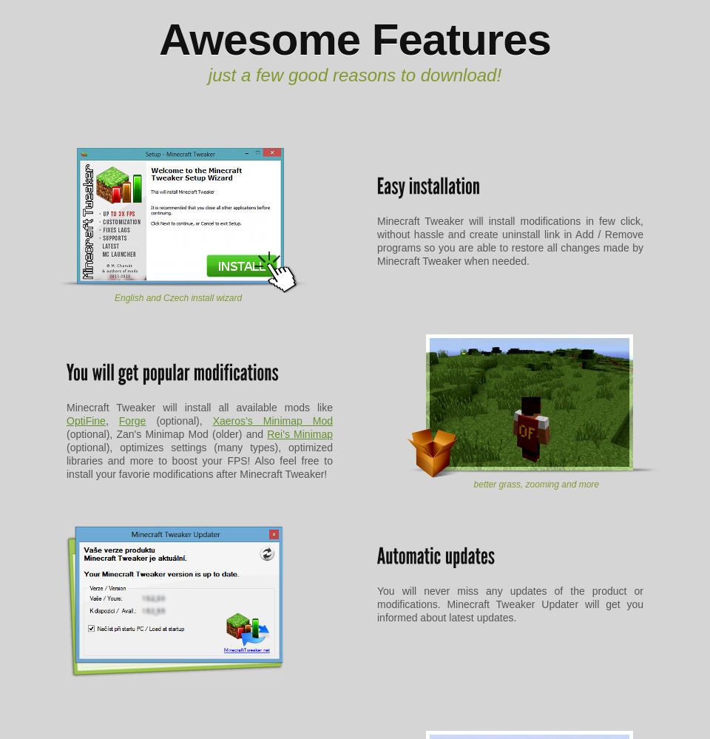 The height and width of the screenshot is (739, 710). What do you see at coordinates (510, 604) in the screenshot?
I see `'You will never miss any updates of the product or modifications. Minecraft Tweaker Updater will get you informed about latest updates.'` at bounding box center [510, 604].